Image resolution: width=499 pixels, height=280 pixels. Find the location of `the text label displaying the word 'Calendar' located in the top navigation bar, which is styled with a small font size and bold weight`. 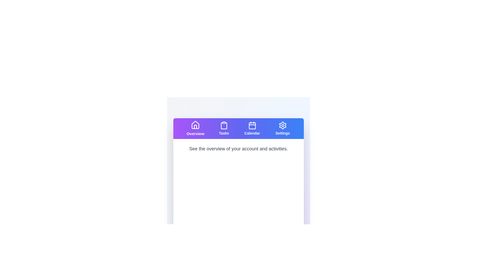

the text label displaying the word 'Calendar' located in the top navigation bar, which is styled with a small font size and bold weight is located at coordinates (252, 133).